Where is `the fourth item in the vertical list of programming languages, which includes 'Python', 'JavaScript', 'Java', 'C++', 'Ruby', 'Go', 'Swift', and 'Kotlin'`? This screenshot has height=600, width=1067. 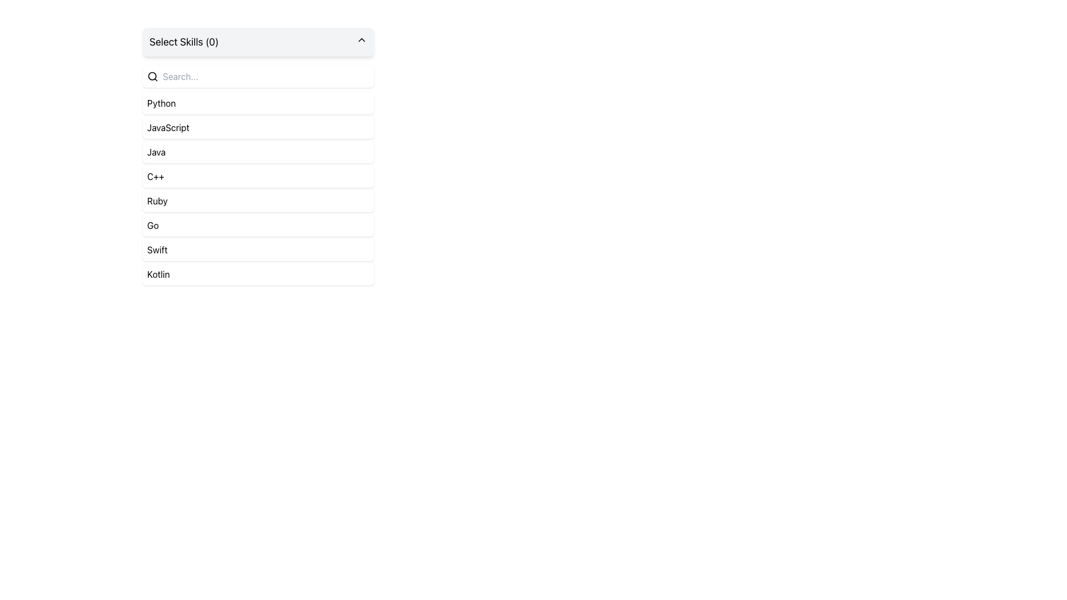 the fourth item in the vertical list of programming languages, which includes 'Python', 'JavaScript', 'Java', 'C++', 'Ruby', 'Go', 'Swift', and 'Kotlin' is located at coordinates (258, 188).